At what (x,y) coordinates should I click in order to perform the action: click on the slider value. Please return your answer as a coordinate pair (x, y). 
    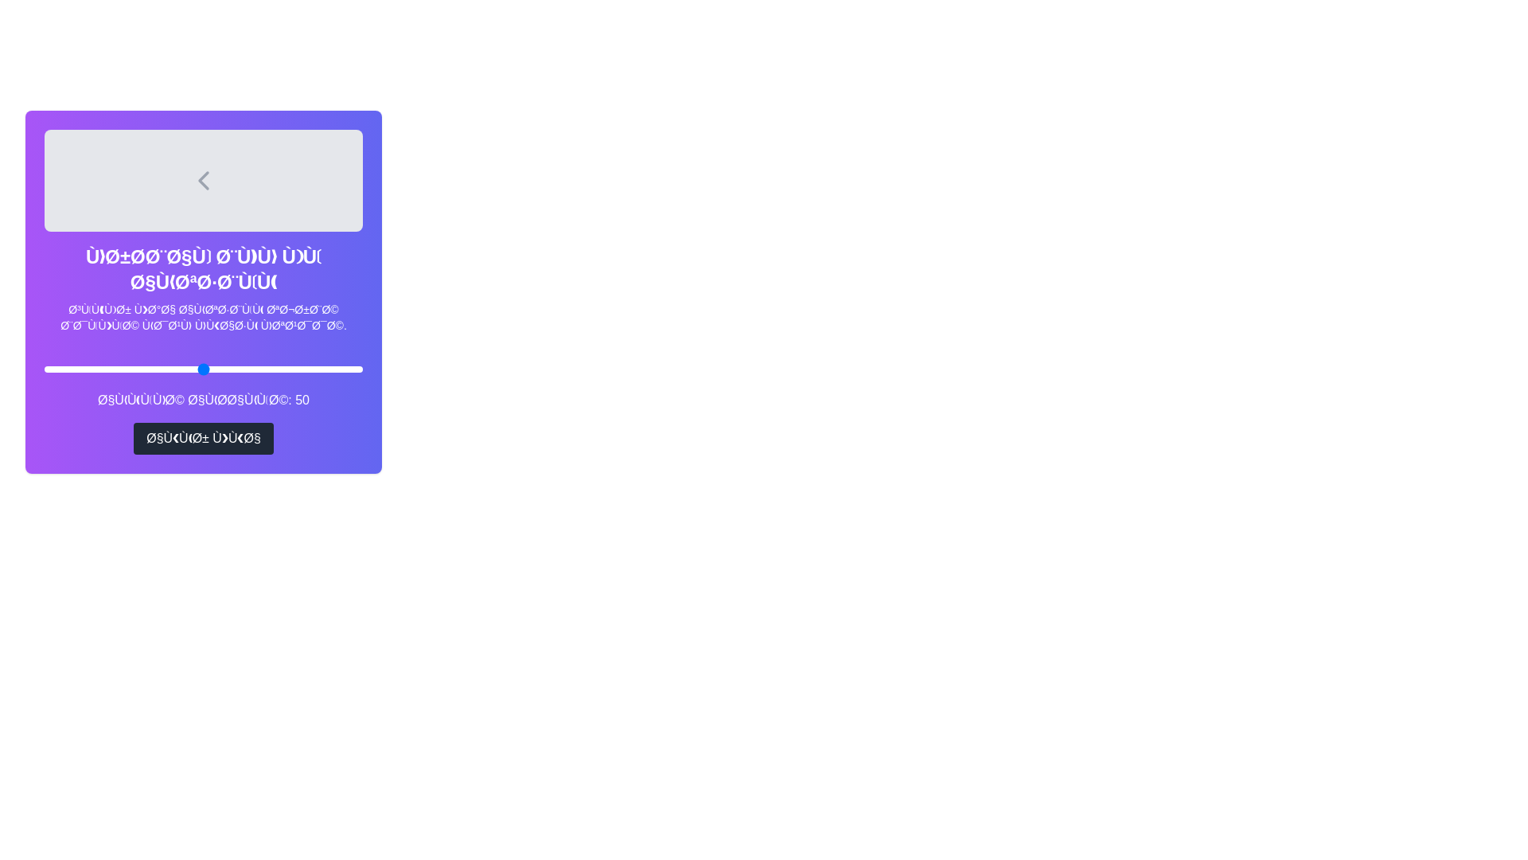
    Looking at the image, I should click on (149, 369).